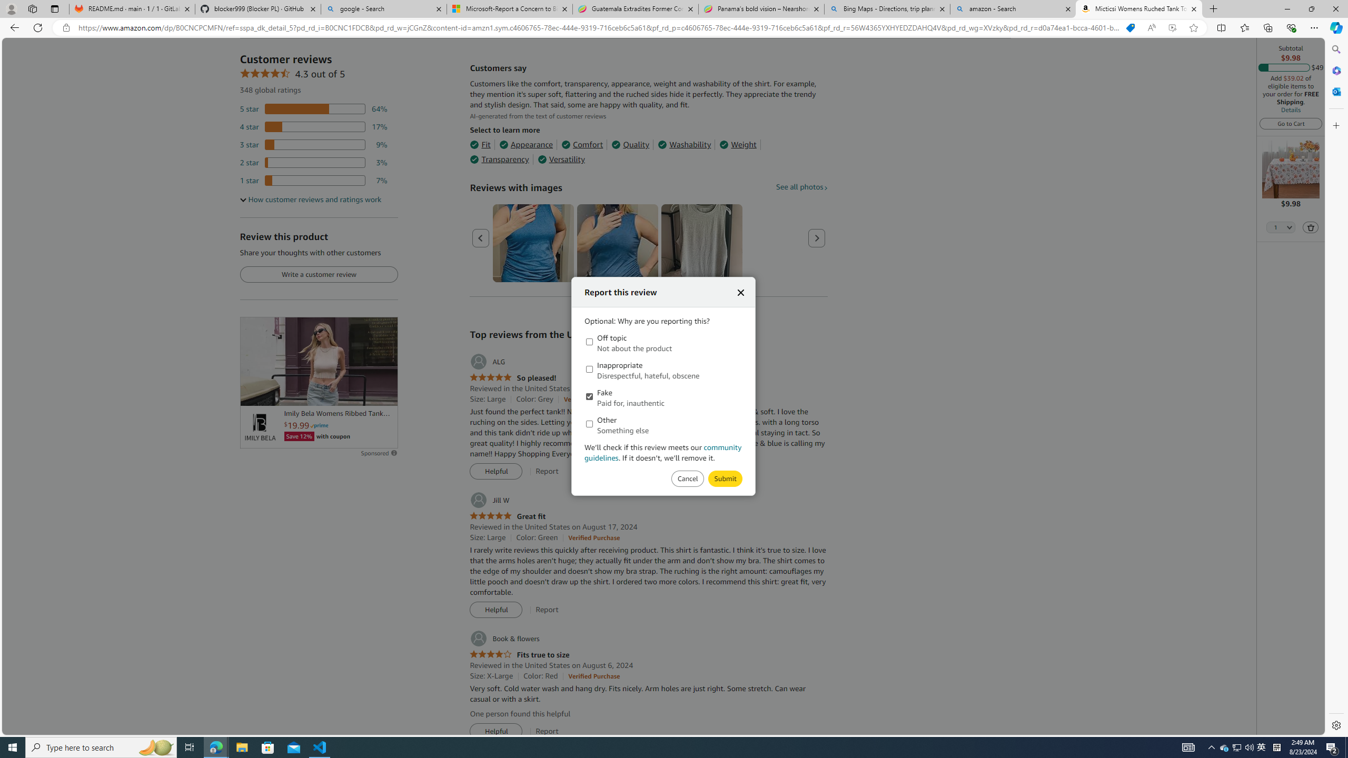 The width and height of the screenshot is (1348, 758). Describe the element at coordinates (313, 180) in the screenshot. I see `'7 percent of reviews have 1 stars'` at that location.